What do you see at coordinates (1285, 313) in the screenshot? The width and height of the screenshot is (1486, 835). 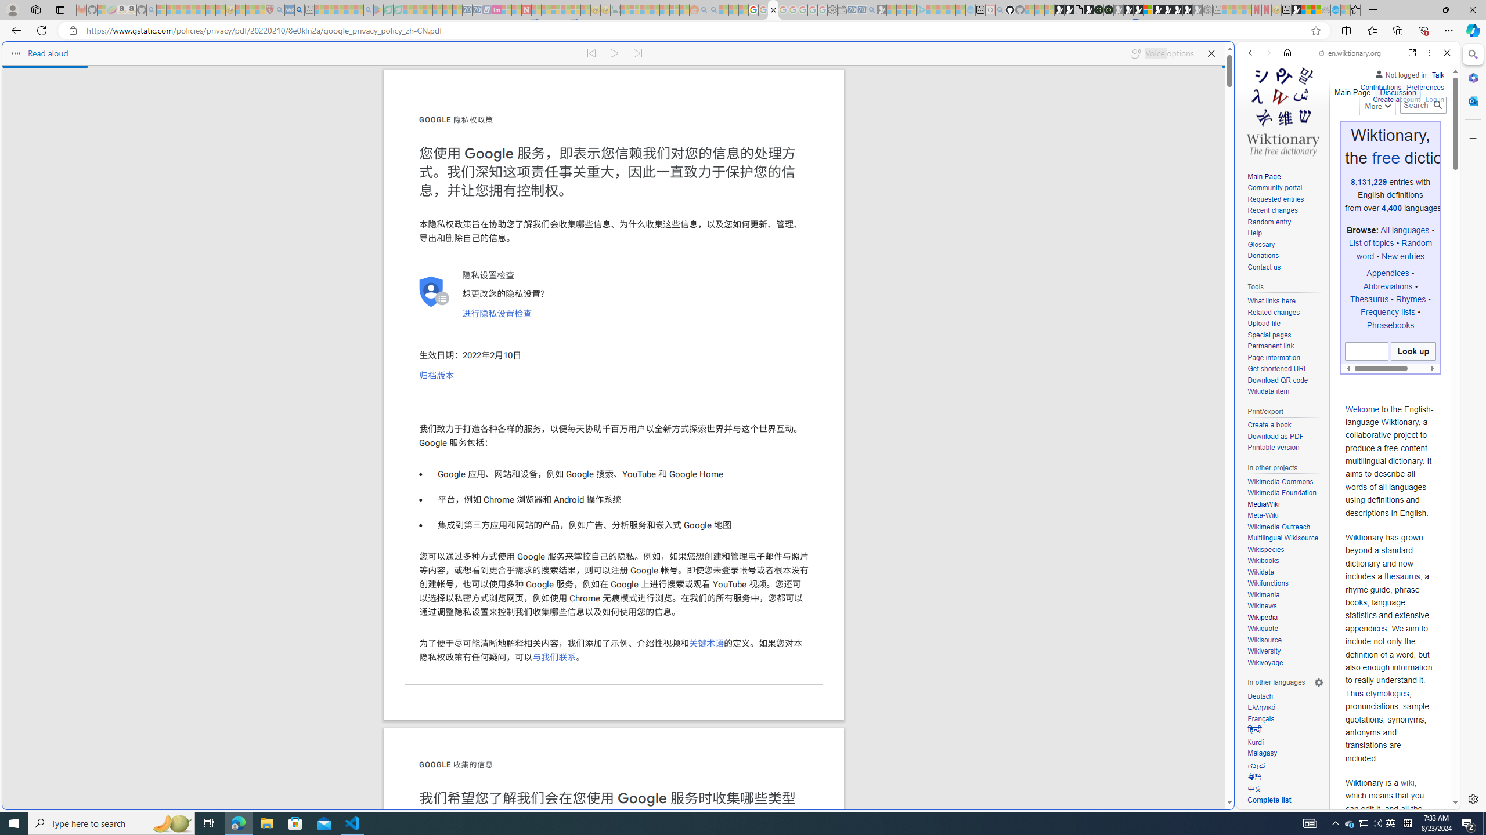 I see `'Related changes'` at bounding box center [1285, 313].